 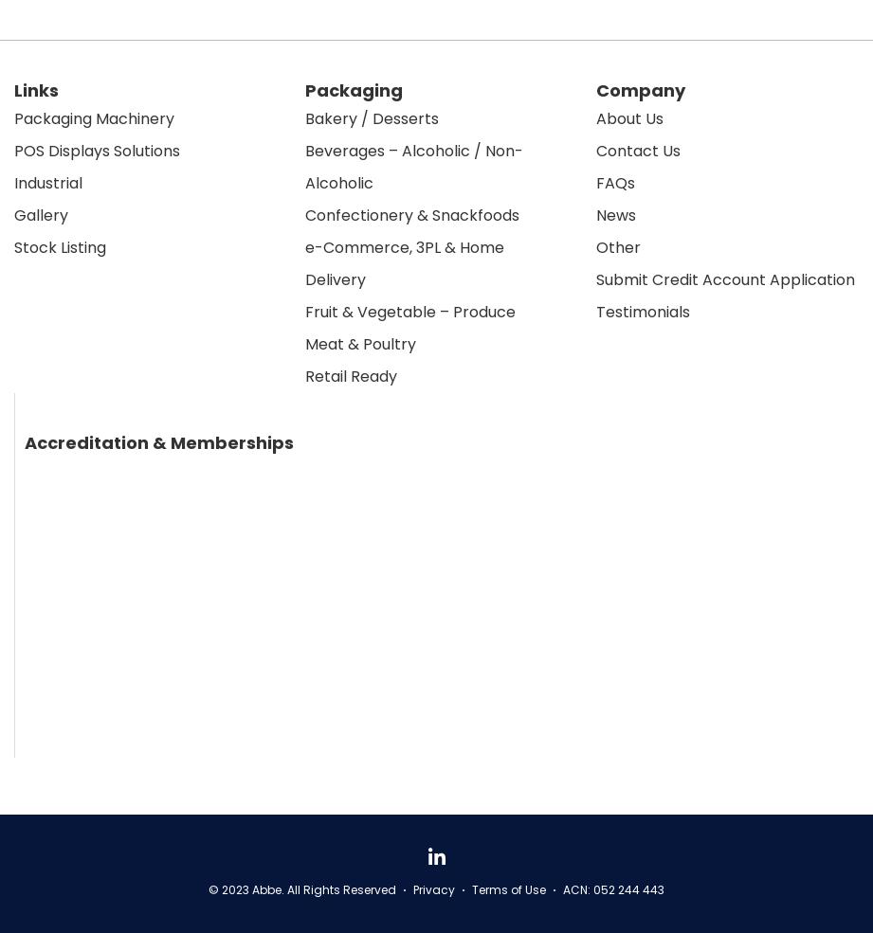 I want to click on 'Confectionery & Snackfoods', so click(x=410, y=213).